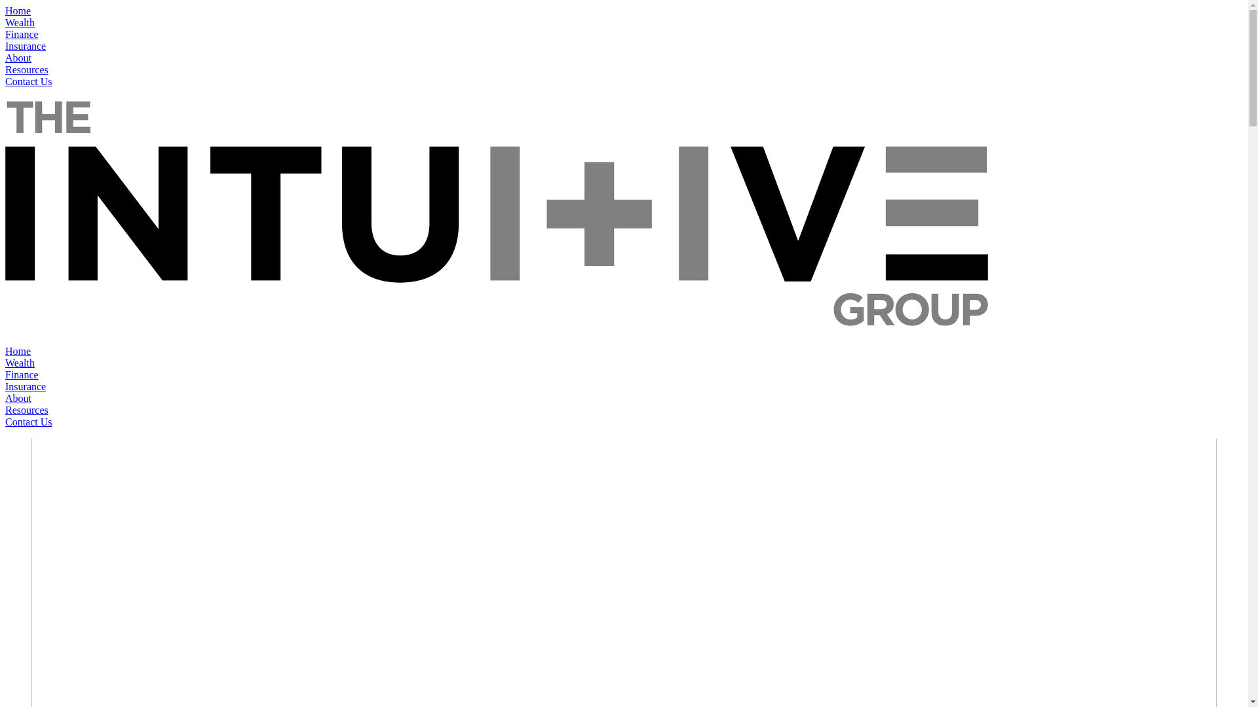  Describe the element at coordinates (18, 10) in the screenshot. I see `'Home'` at that location.